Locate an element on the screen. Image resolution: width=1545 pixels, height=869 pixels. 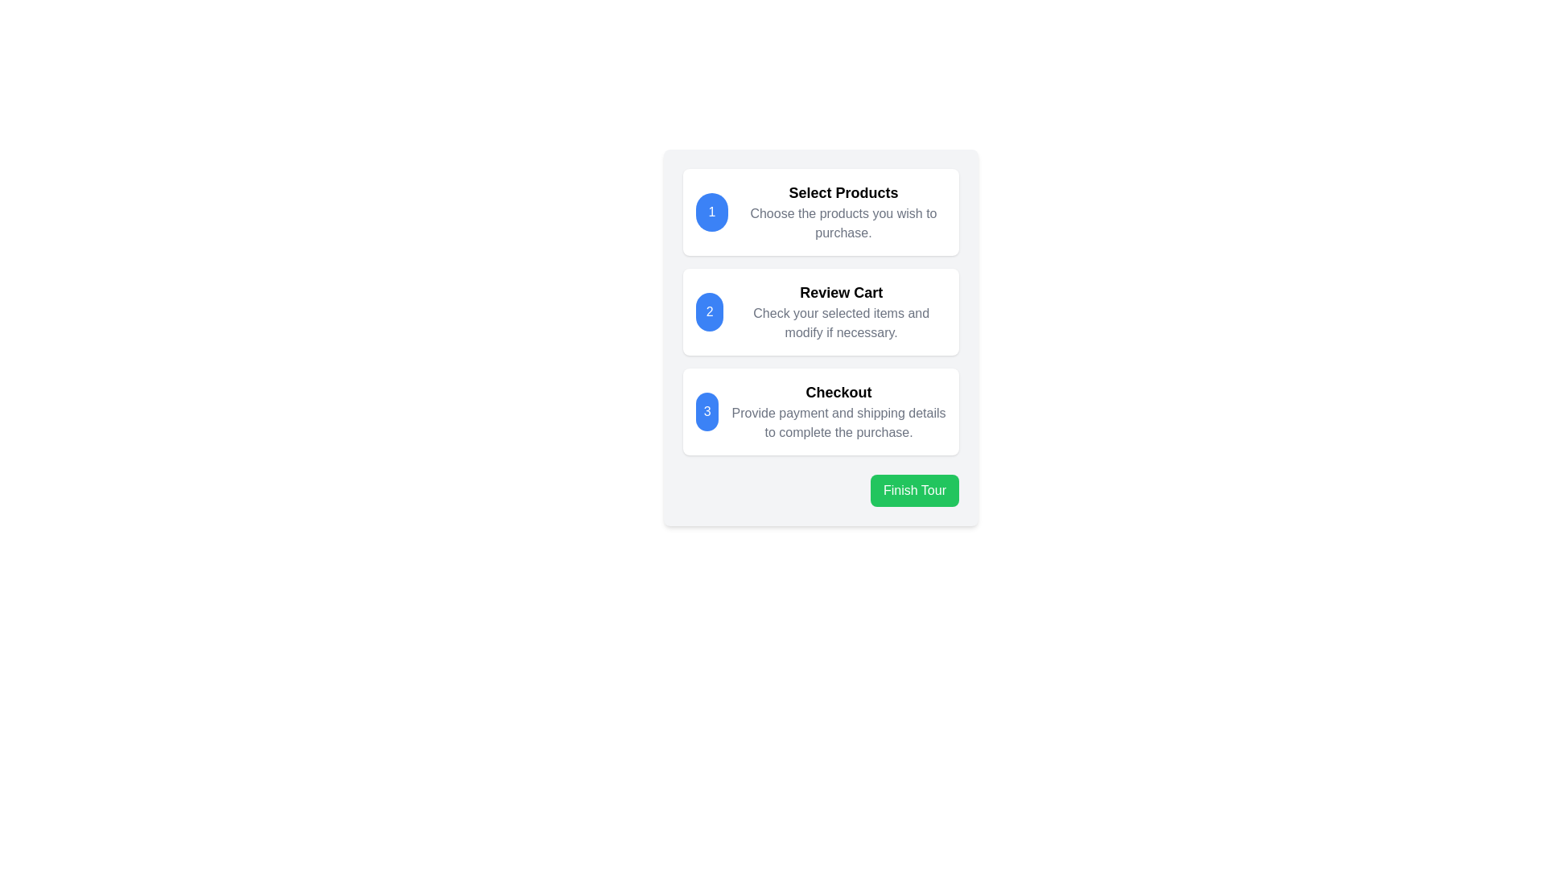
the Text Block element that displays 'Select Products' and 'Choose the products you wish to purchase.' is located at coordinates (843, 211).